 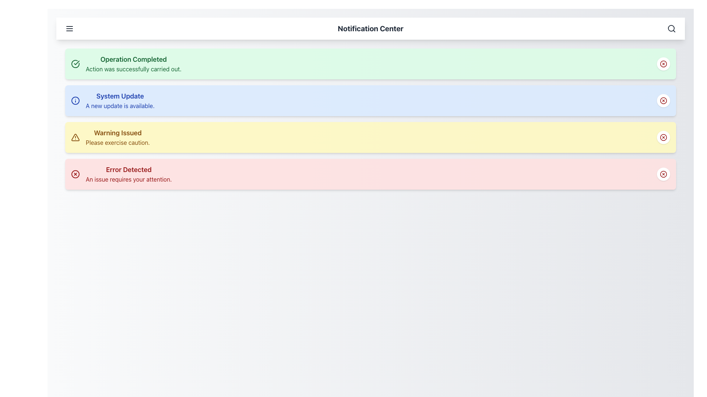 What do you see at coordinates (672, 28) in the screenshot?
I see `the magnifying glass icon on the right side of the top navigation bar to initiate a search` at bounding box center [672, 28].